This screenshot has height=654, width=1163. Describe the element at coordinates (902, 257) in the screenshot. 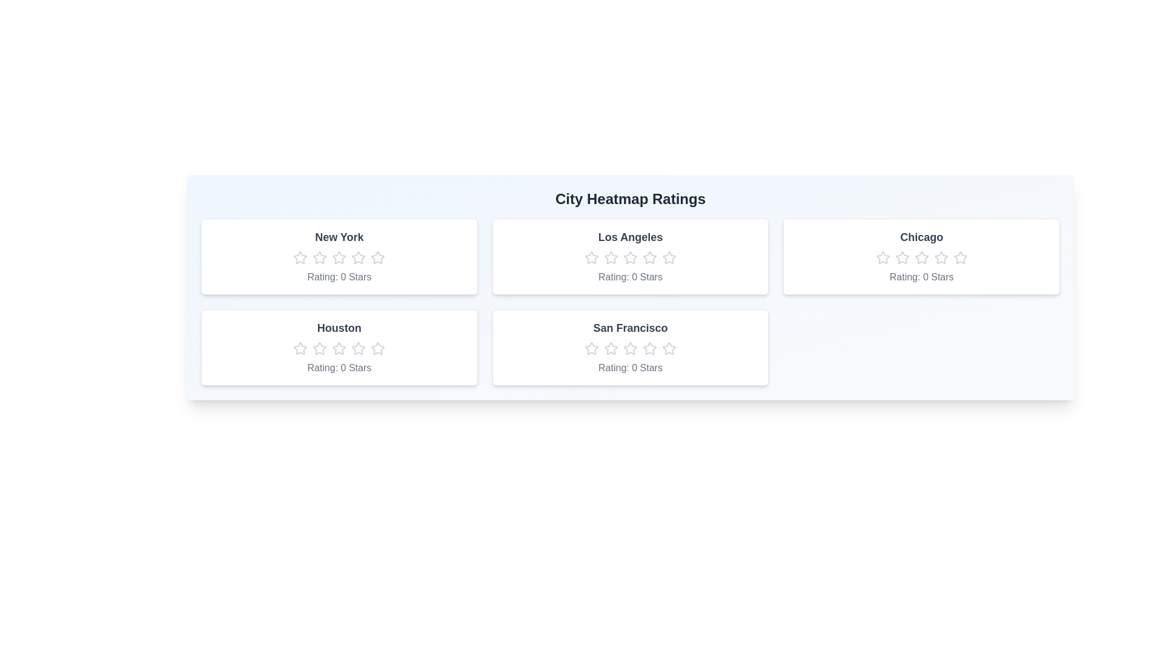

I see `the Chicago rating star number 2` at that location.